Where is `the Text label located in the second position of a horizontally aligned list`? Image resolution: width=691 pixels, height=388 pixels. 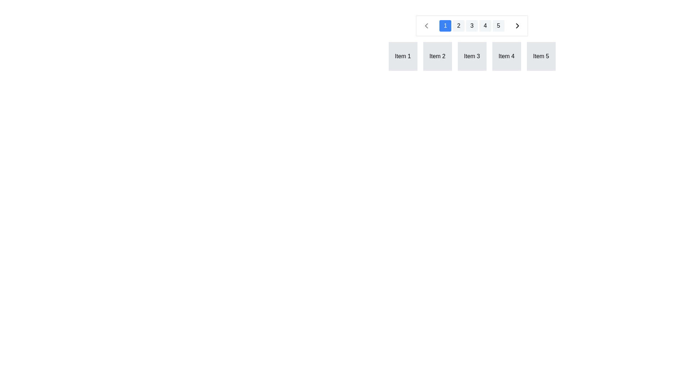 the Text label located in the second position of a horizontally aligned list is located at coordinates (437, 56).